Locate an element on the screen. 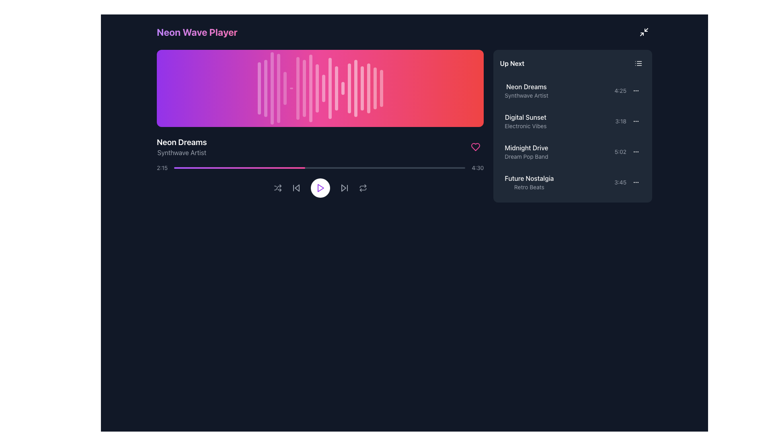 The height and width of the screenshot is (434, 772). the media progress is located at coordinates (343, 167).